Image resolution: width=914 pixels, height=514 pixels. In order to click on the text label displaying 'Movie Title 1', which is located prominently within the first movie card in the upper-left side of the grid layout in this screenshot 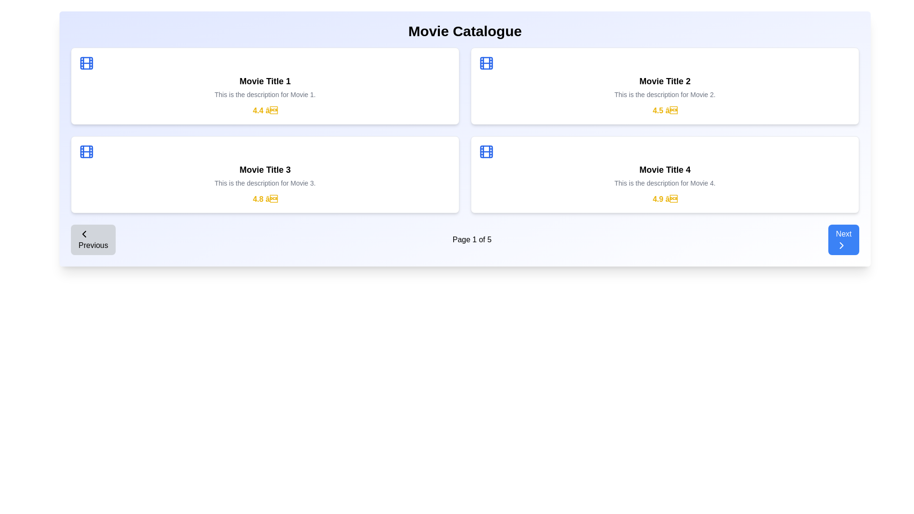, I will do `click(265, 80)`.